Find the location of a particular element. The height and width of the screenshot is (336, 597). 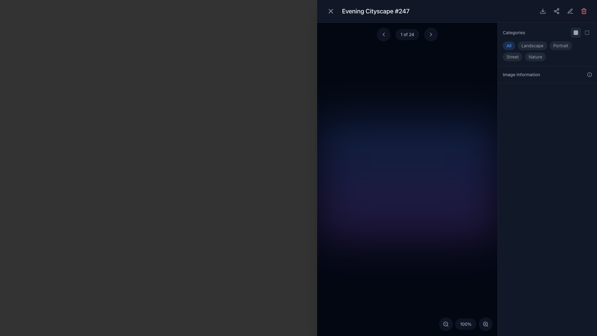

the circular 'X' icon button located in the top-left corner of the panel near the title 'Evening Cityscape #247' to potentially reveal a tooltip is located at coordinates (331, 11).